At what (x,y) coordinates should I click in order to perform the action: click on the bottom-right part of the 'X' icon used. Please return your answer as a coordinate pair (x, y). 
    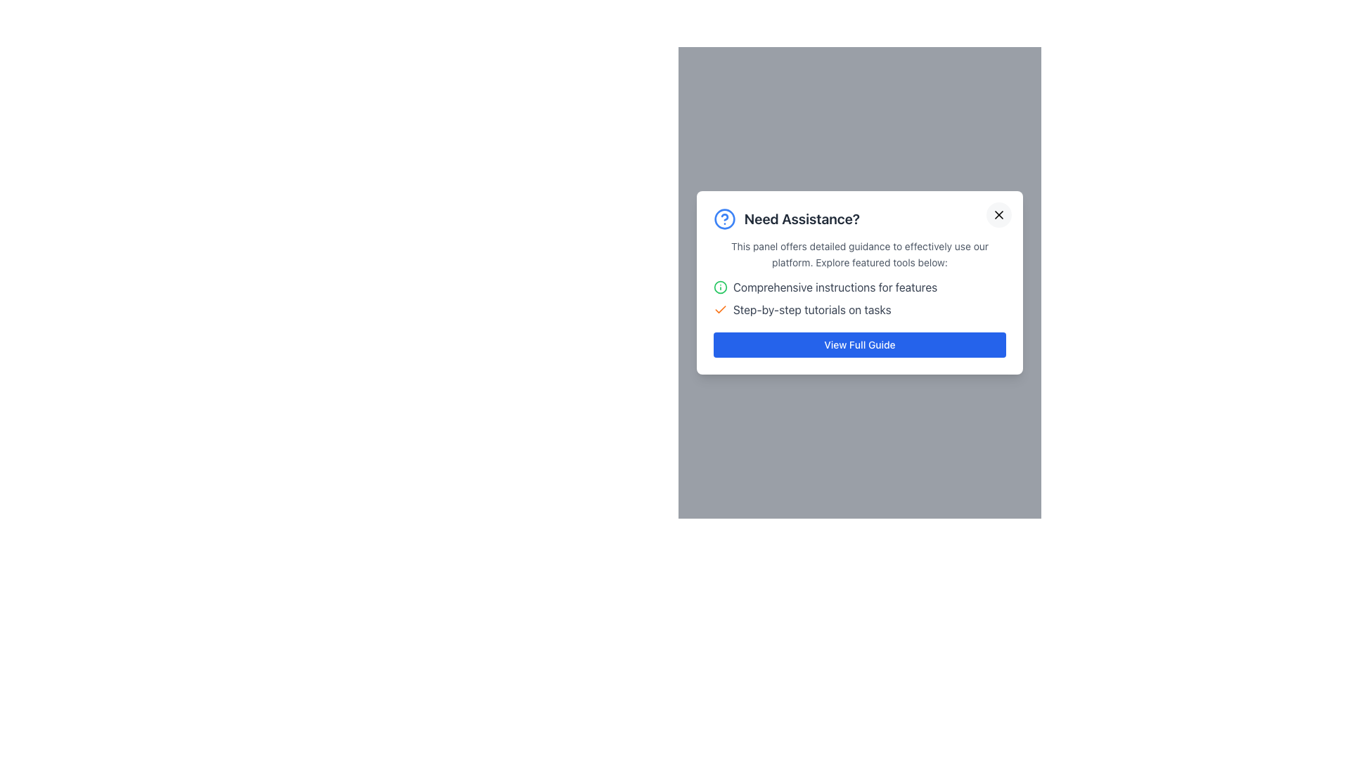
    Looking at the image, I should click on (998, 214).